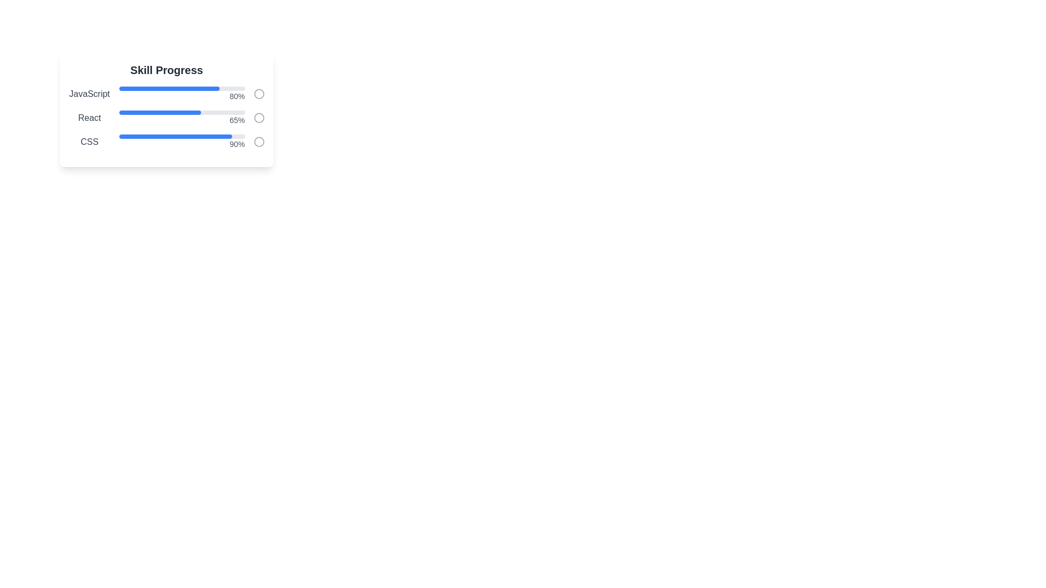 The width and height of the screenshot is (1046, 588). I want to click on the progress visually of the blue progress indicator bar representing 80% completion for the 'JavaScript' skill in the 'Skill Progress' section, so click(169, 88).